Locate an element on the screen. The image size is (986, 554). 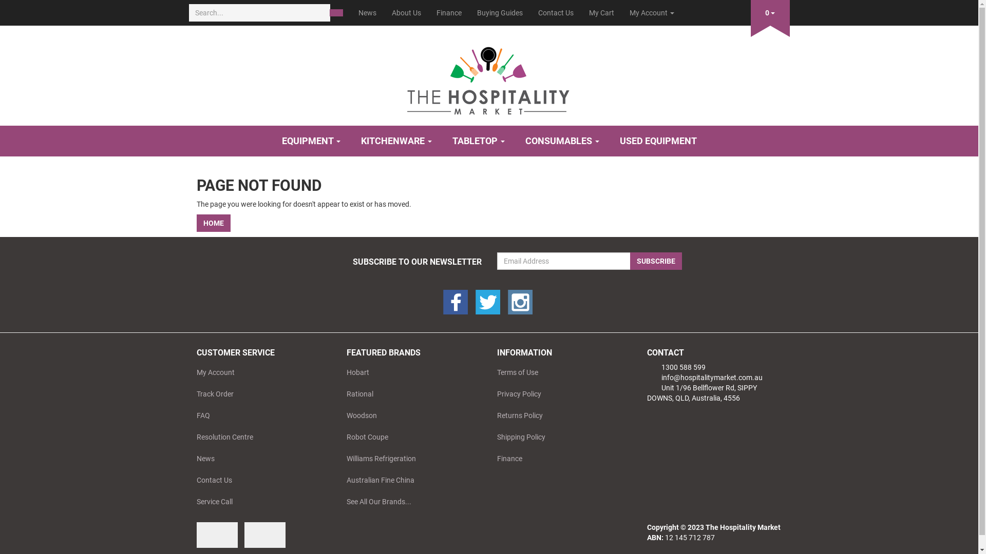
'Subscribe' is located at coordinates (655, 261).